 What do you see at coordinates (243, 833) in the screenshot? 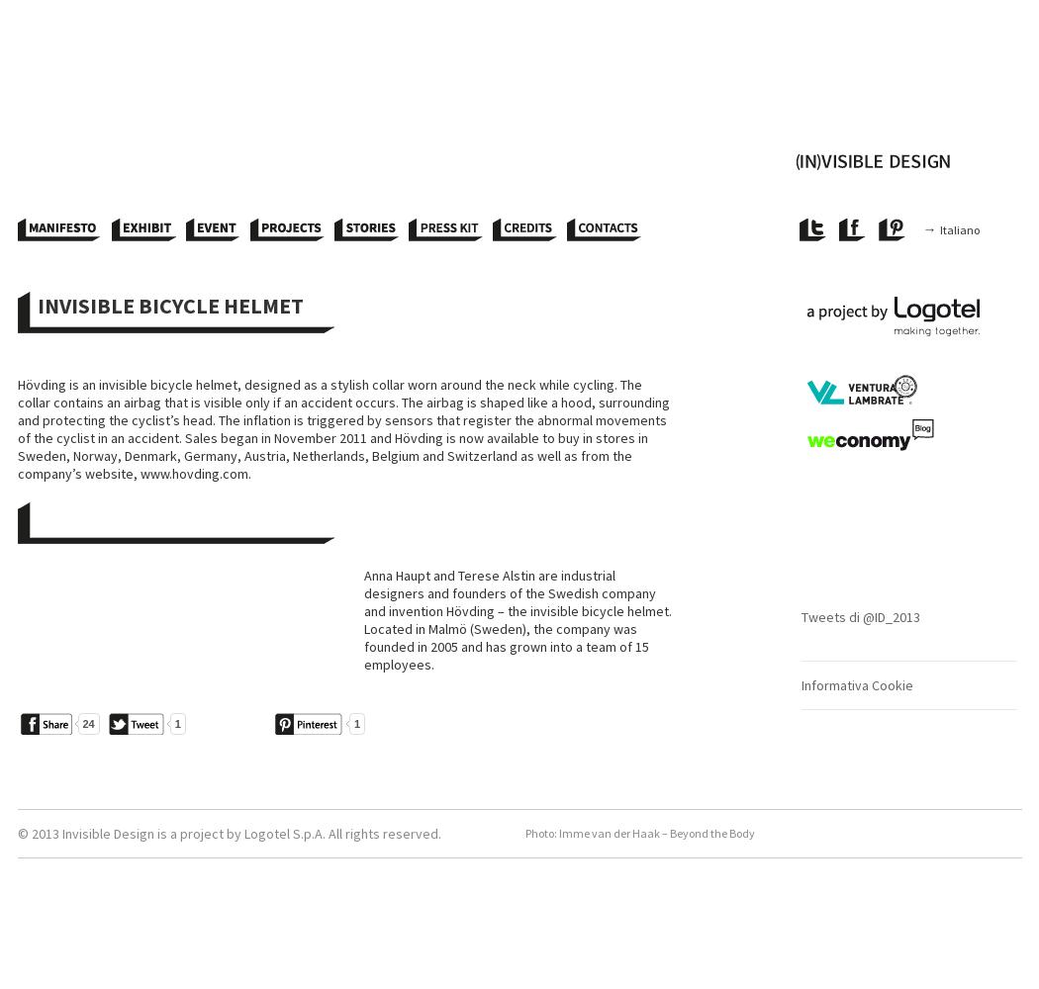
I see `'Logotel'` at bounding box center [243, 833].